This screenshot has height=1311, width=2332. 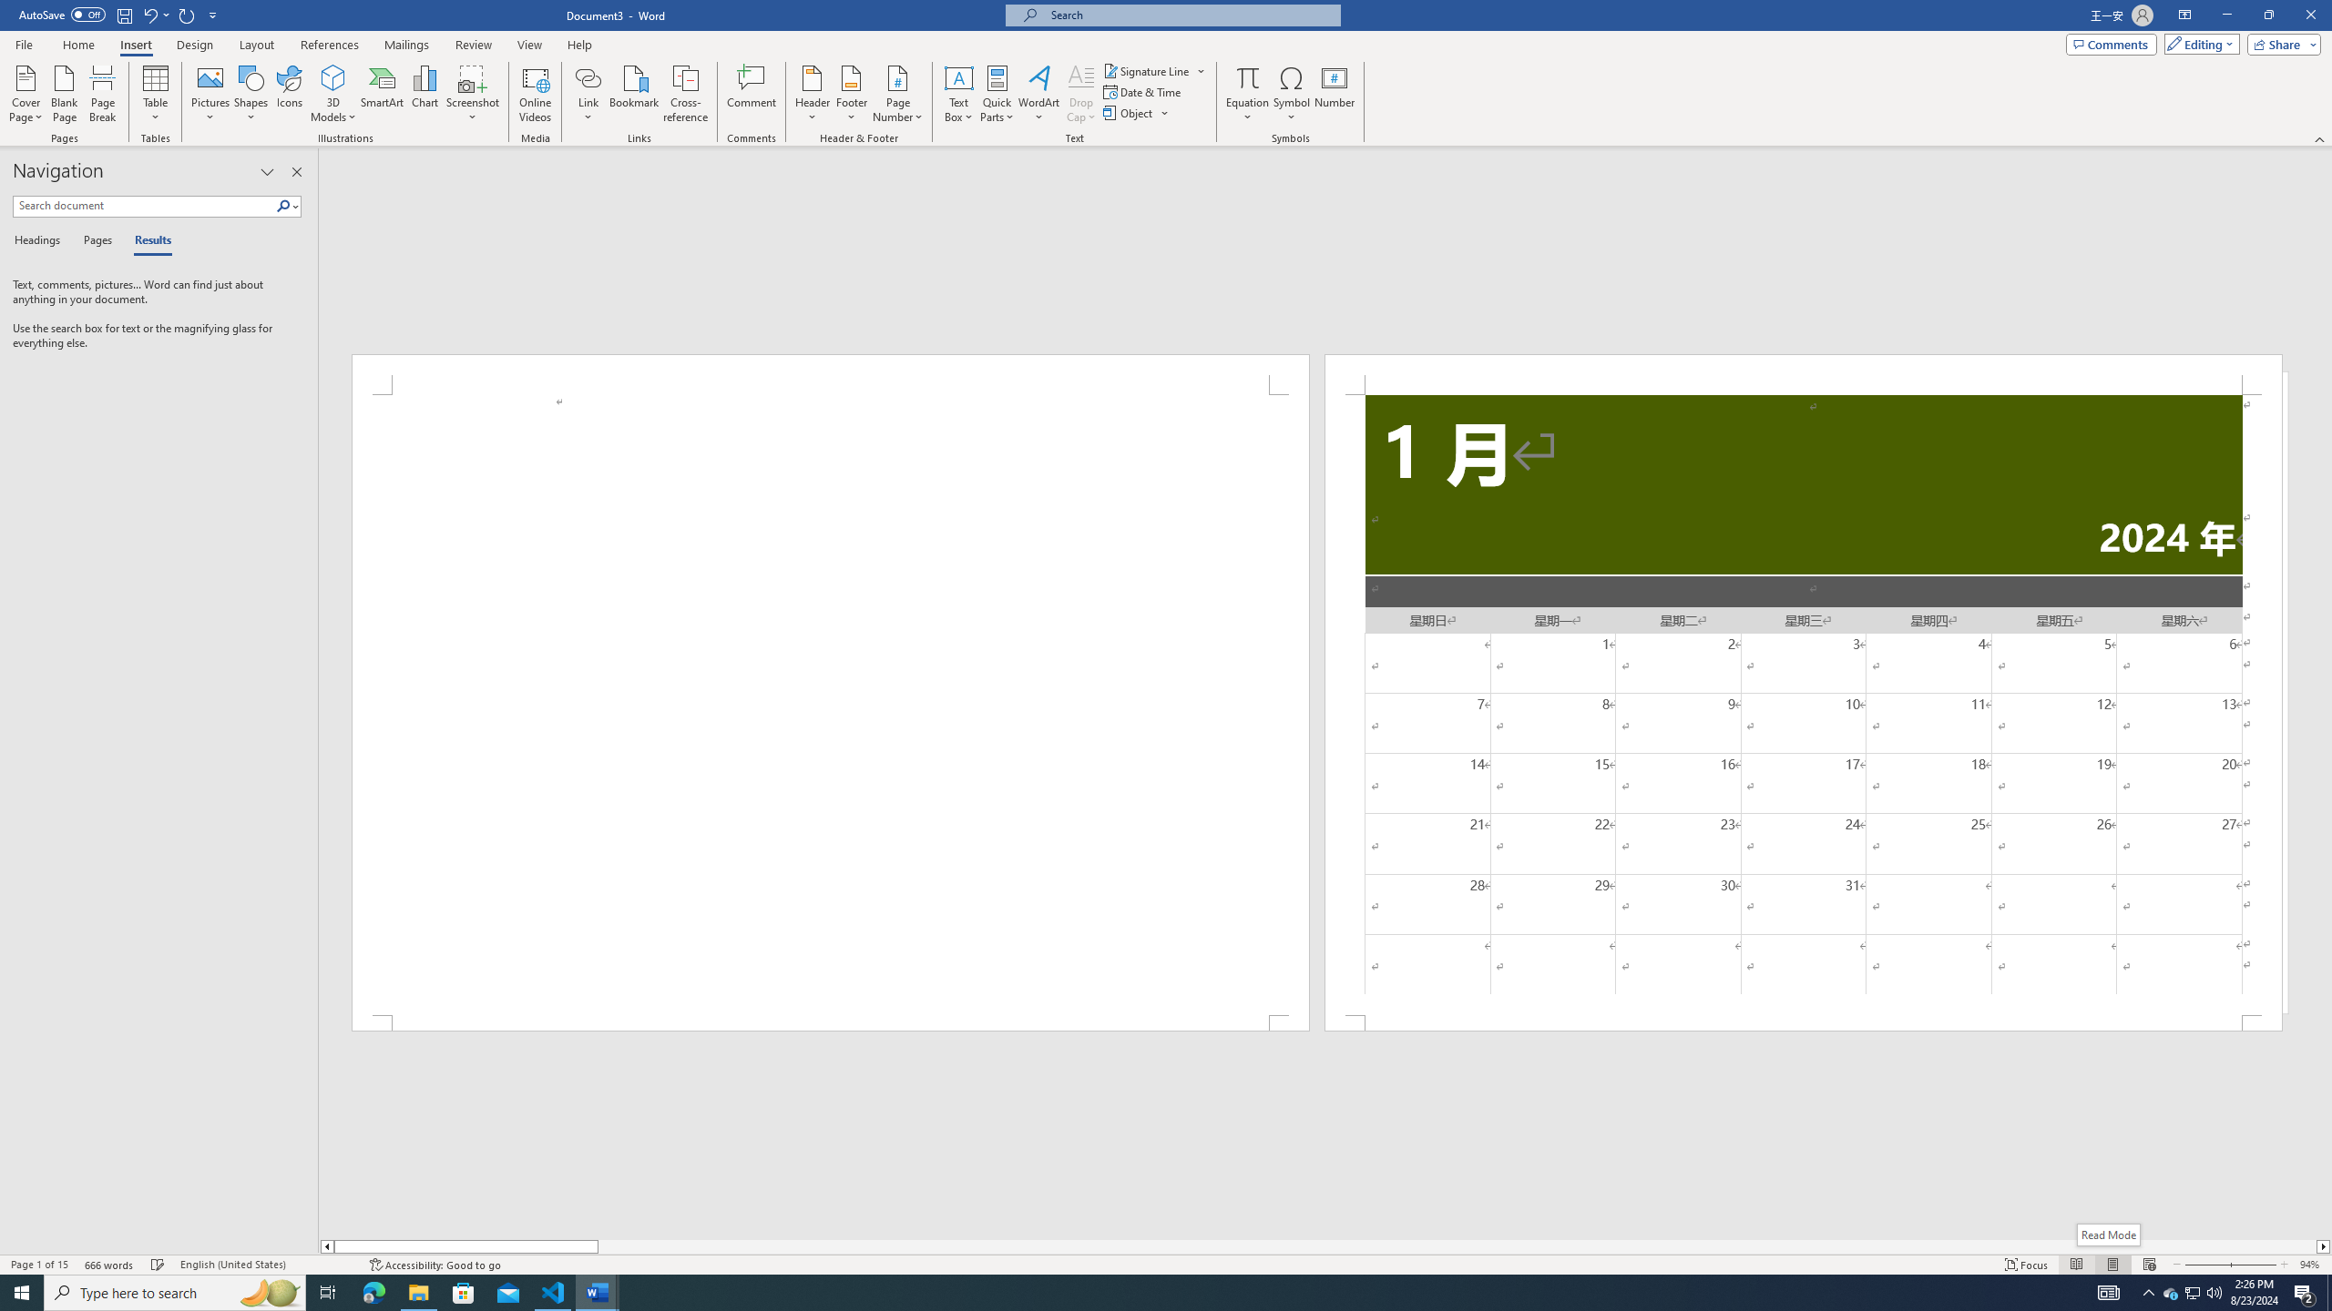 I want to click on 'Cross-reference...', so click(x=686, y=94).